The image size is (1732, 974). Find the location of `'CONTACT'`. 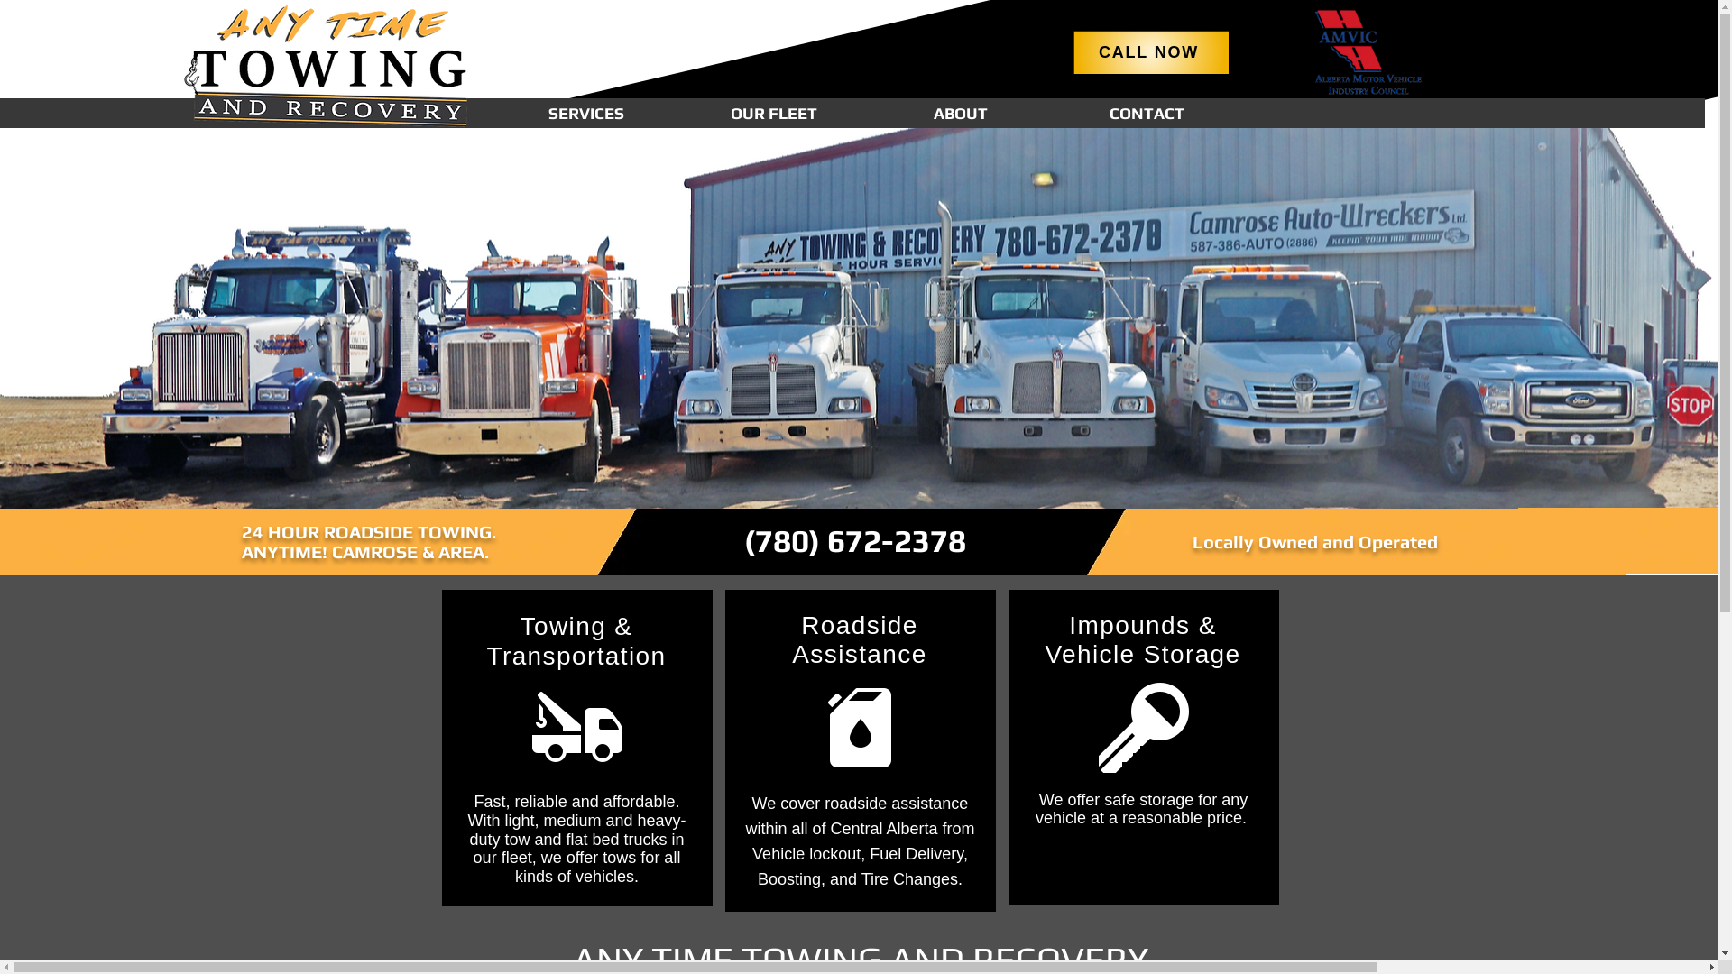

'CONTACT' is located at coordinates (1146, 113).